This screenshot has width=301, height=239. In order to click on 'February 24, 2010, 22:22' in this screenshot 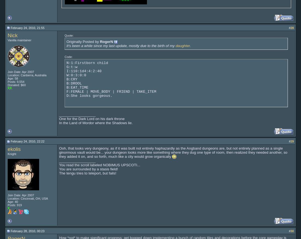, I will do `click(27, 141)`.